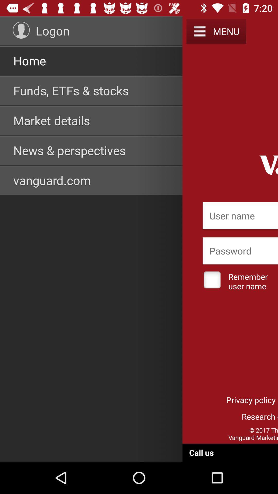 The image size is (278, 494). Describe the element at coordinates (69, 150) in the screenshot. I see `the news & perspectives app` at that location.